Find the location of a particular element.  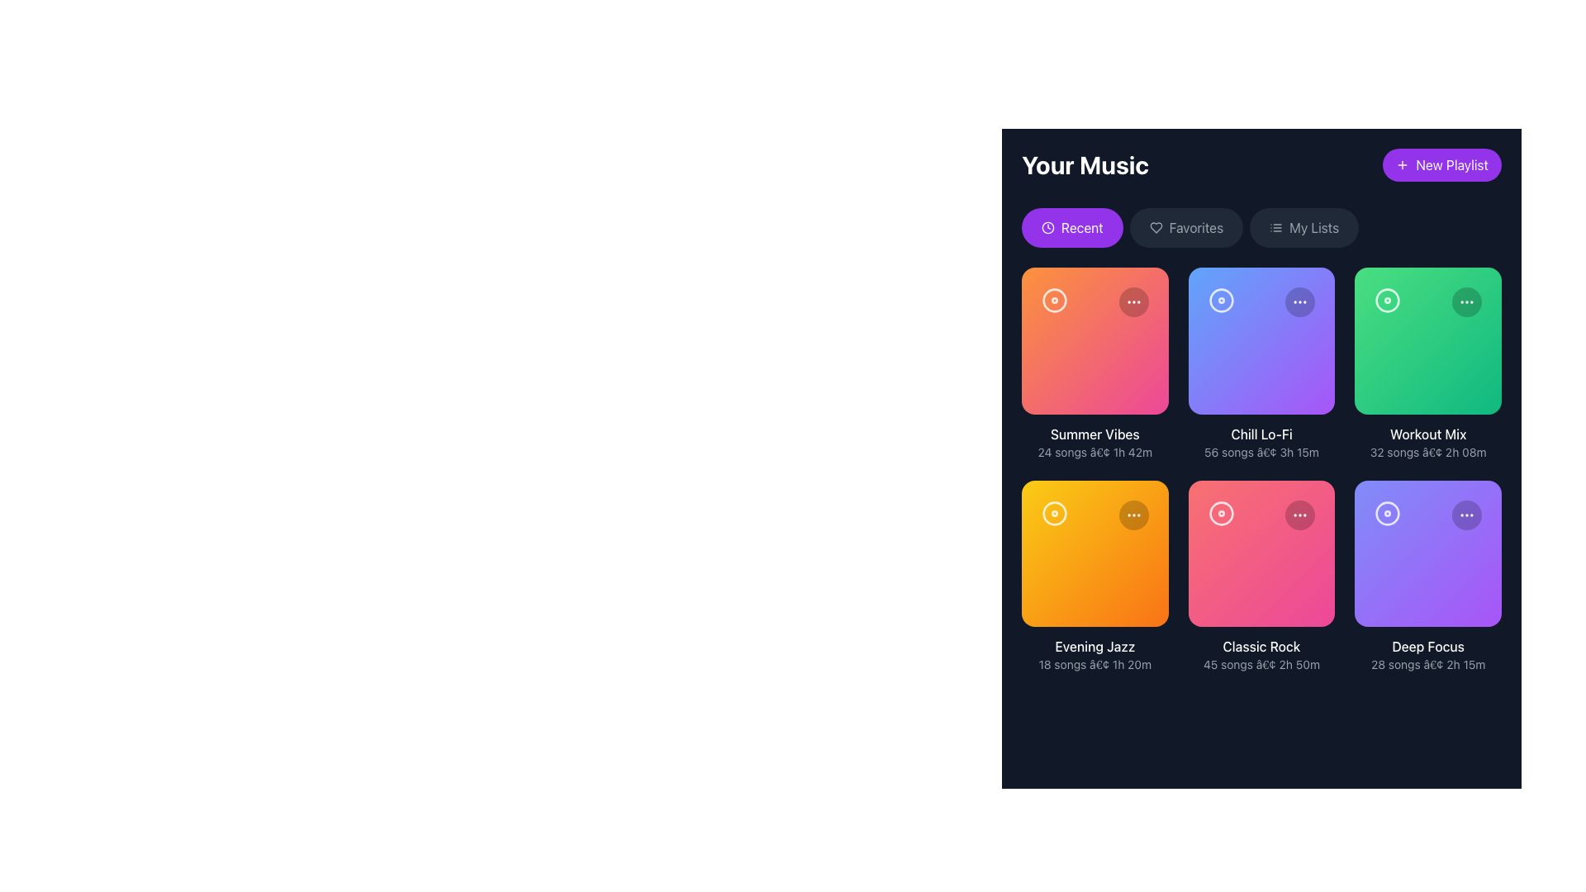

the 'Workout Mix' music playlist card located is located at coordinates (1427, 363).